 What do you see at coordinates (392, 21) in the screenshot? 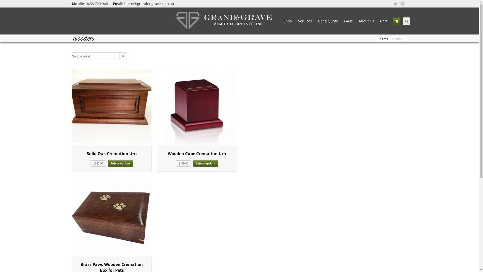
I see `'Your Cart'` at bounding box center [392, 21].